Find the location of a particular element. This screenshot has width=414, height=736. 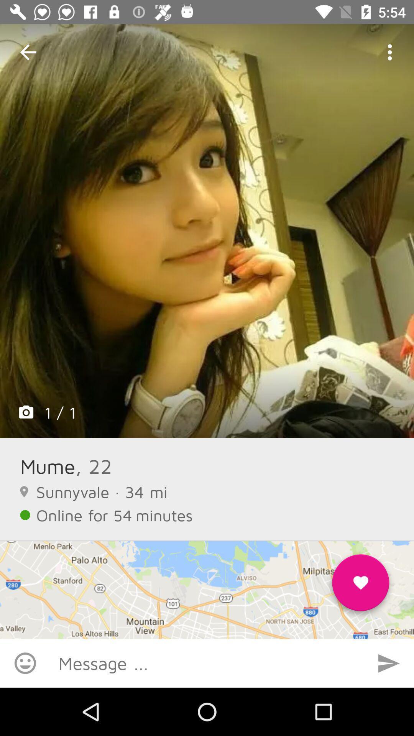

the favorite icon is located at coordinates (360, 585).